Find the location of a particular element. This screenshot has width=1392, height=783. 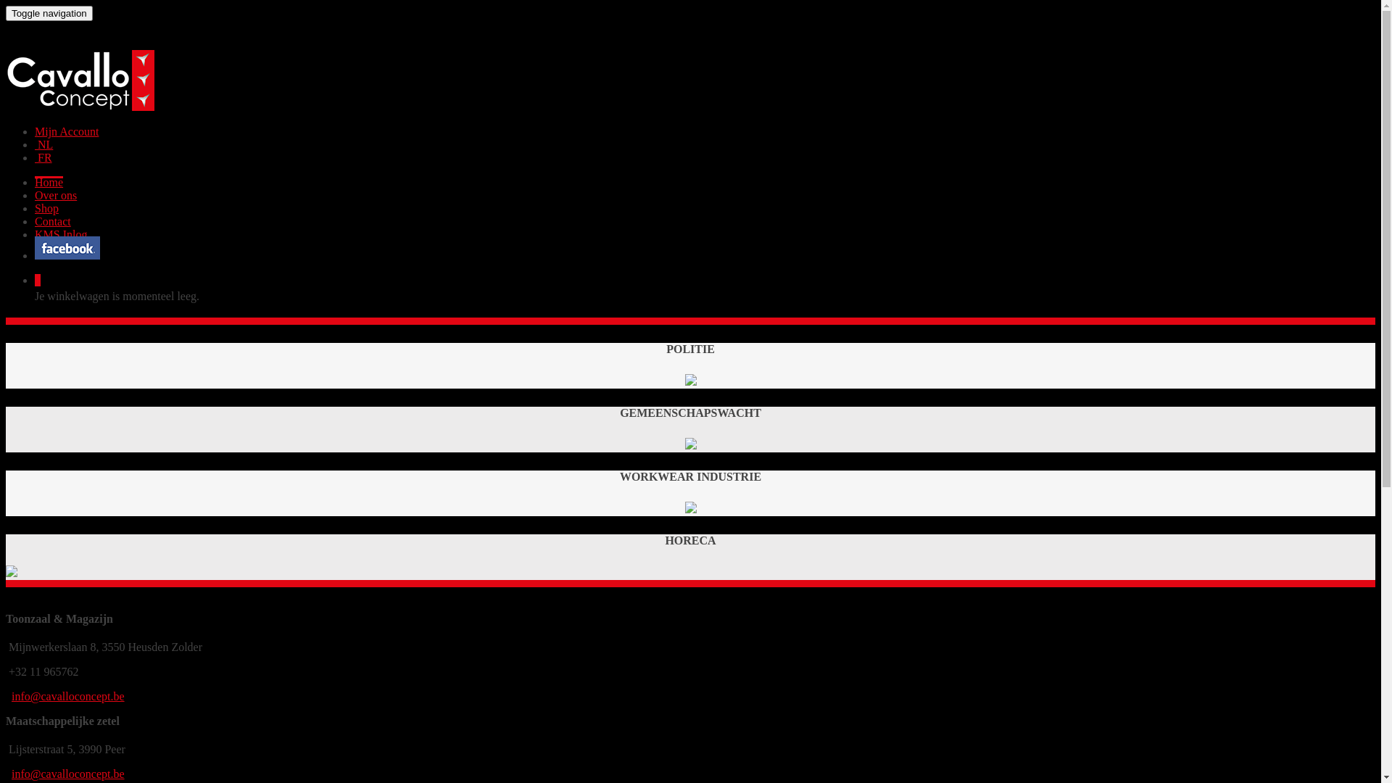

'Toggle navigation' is located at coordinates (49, 13).